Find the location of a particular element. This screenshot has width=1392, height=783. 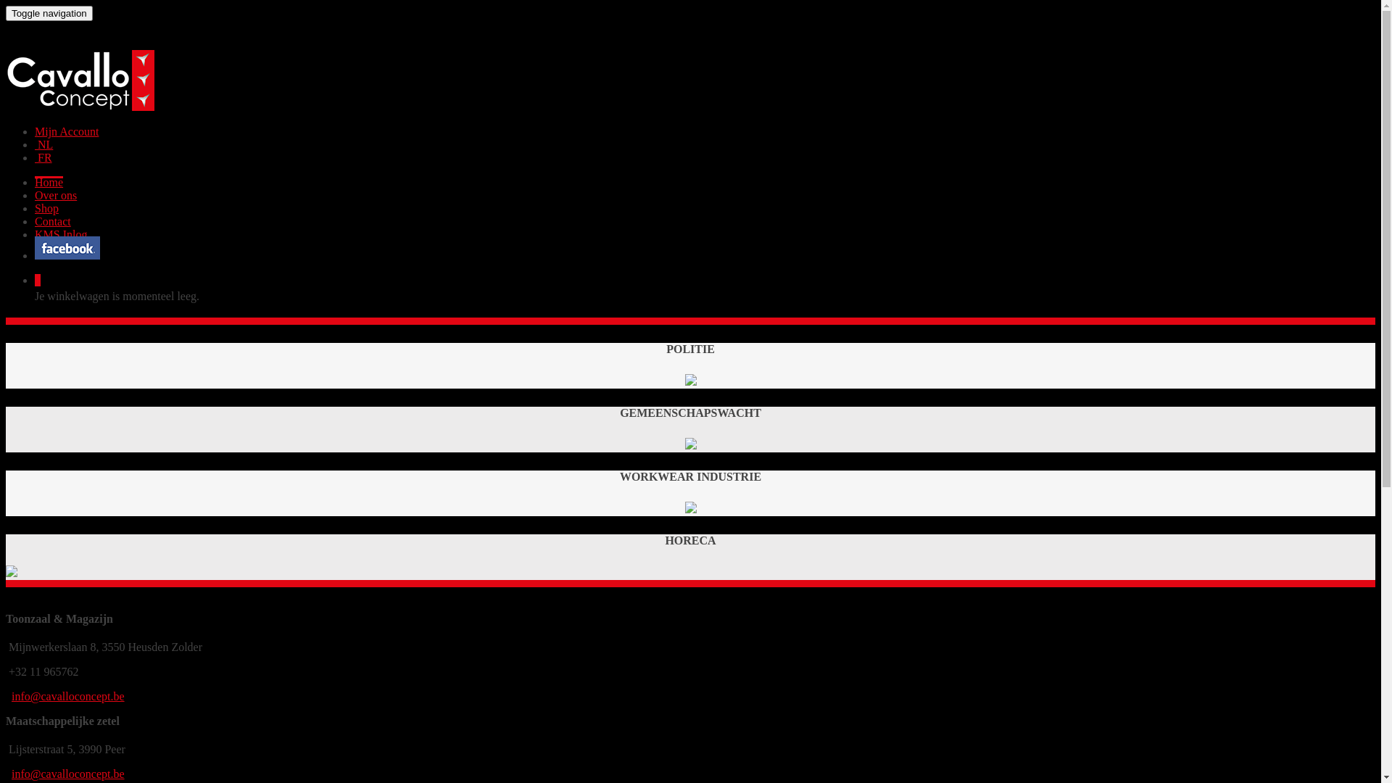

'Toggle navigation' is located at coordinates (49, 13).